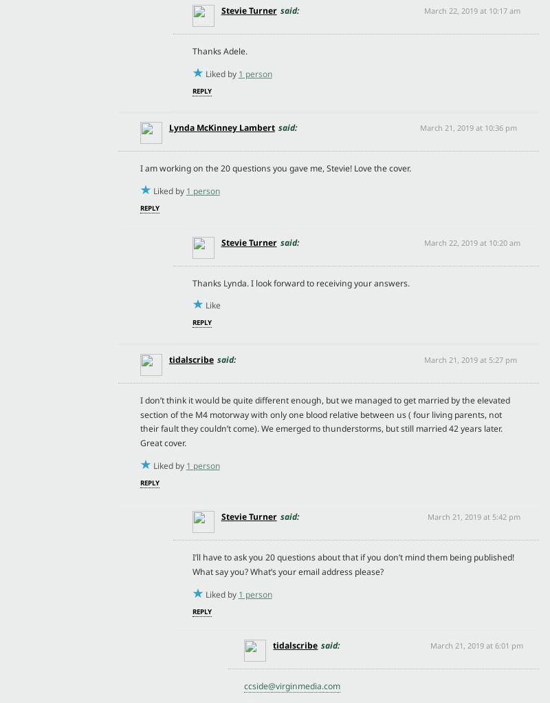 The height and width of the screenshot is (703, 550). Describe the element at coordinates (423, 359) in the screenshot. I see `'March 21, 2019 at 5:27 pm'` at that location.